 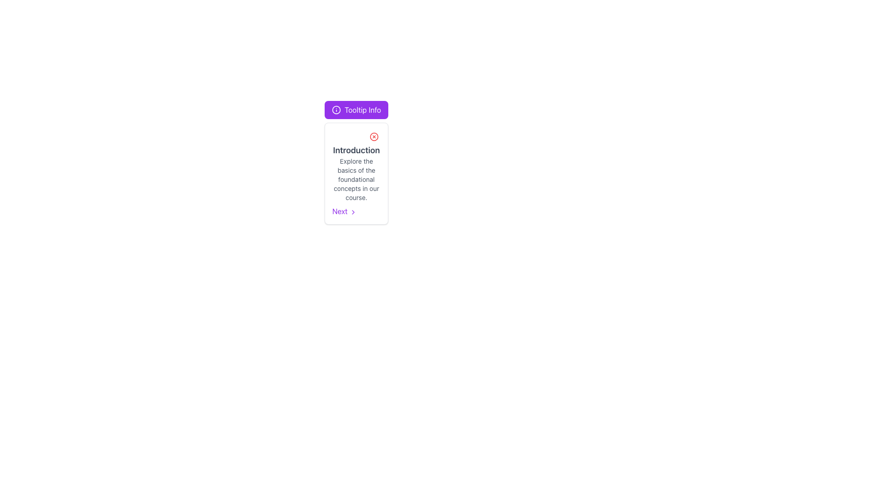 What do you see at coordinates (356, 110) in the screenshot?
I see `the 'Tooltip Info' button, which is a horizontally elongated, rounded rectangle with a purple background and an info symbol` at bounding box center [356, 110].